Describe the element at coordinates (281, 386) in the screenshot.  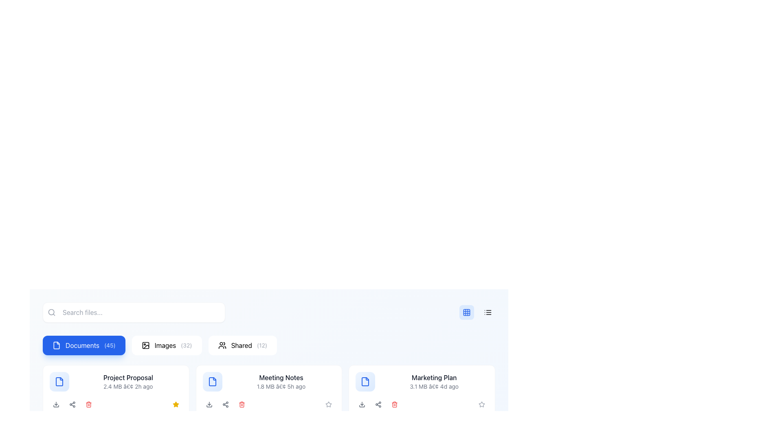
I see `the text label displaying '1.8 MB • 5h ago', which is located beneath the 'Meeting Notes' text and is part of the file metadata` at that location.